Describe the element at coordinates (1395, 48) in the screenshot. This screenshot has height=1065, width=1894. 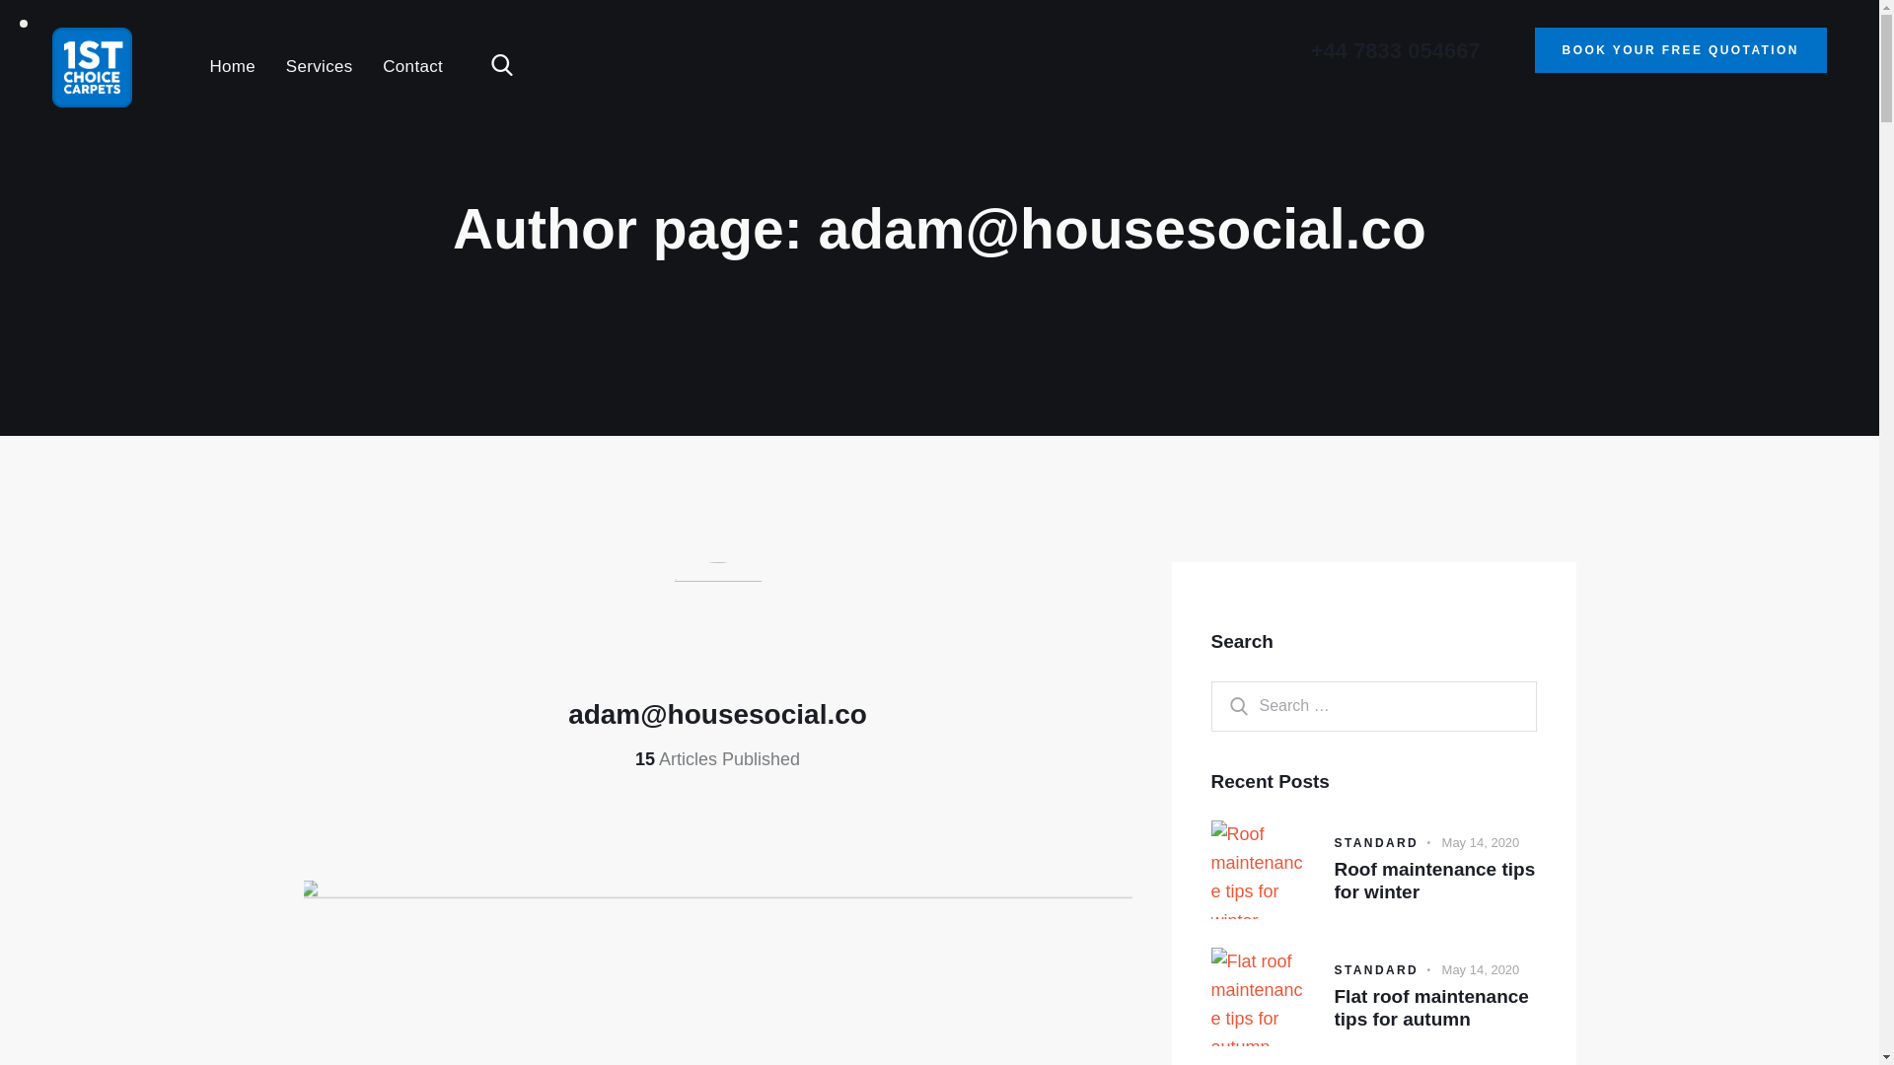
I see `'+44 7833 054667'` at that location.